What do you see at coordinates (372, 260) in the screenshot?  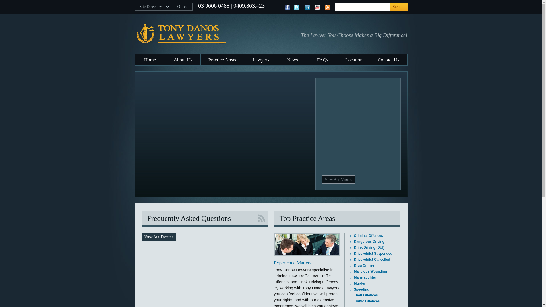 I see `'Drive whilst Cancelled'` at bounding box center [372, 260].